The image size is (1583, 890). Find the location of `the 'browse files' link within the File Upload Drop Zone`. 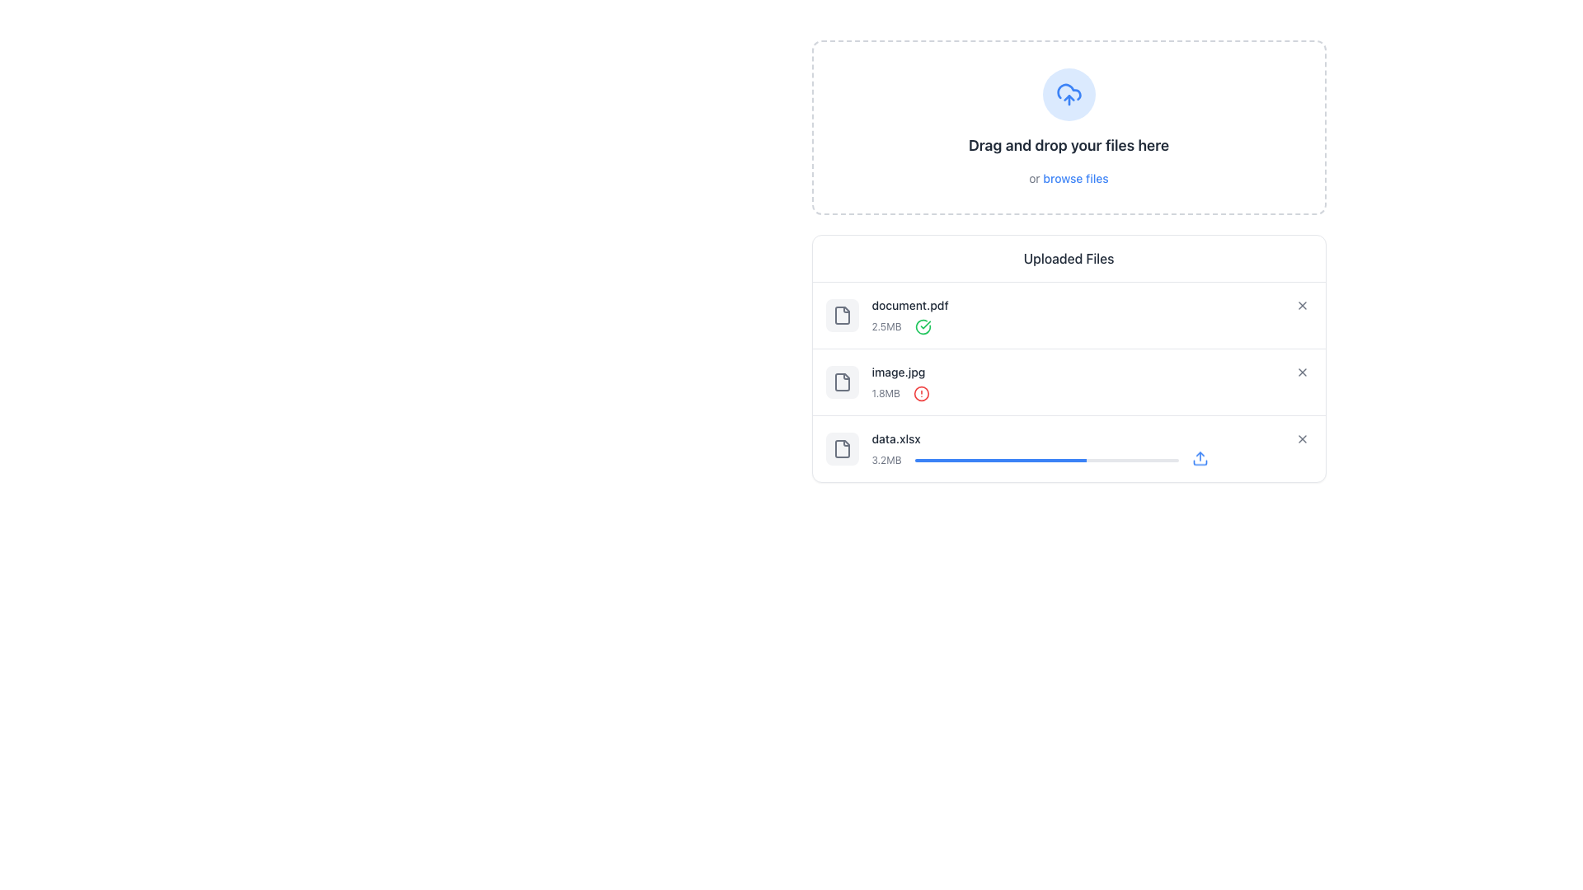

the 'browse files' link within the File Upload Drop Zone is located at coordinates (1069, 126).